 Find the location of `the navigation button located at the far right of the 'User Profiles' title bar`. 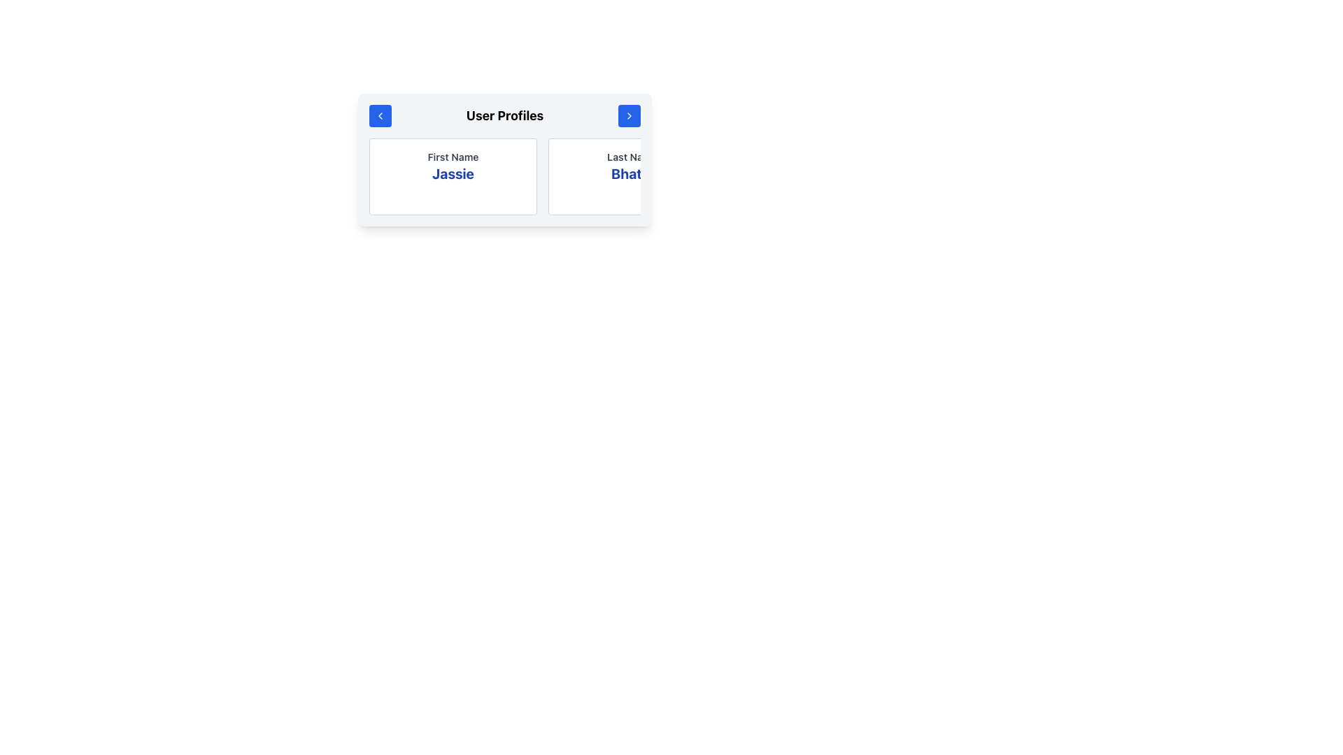

the navigation button located at the far right of the 'User Profiles' title bar is located at coordinates (628, 115).